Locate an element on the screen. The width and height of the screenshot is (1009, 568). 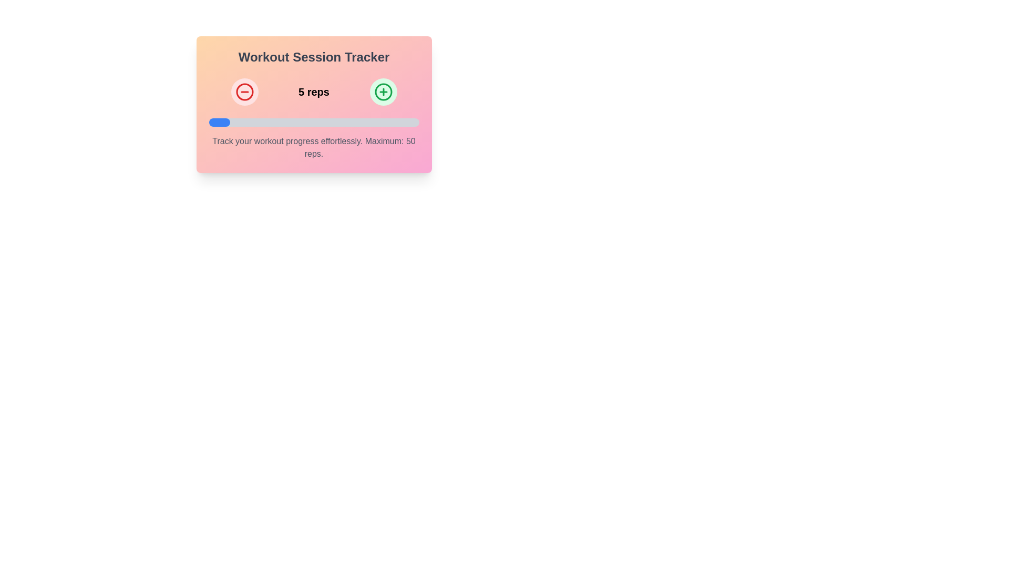
the slider is located at coordinates (209, 121).